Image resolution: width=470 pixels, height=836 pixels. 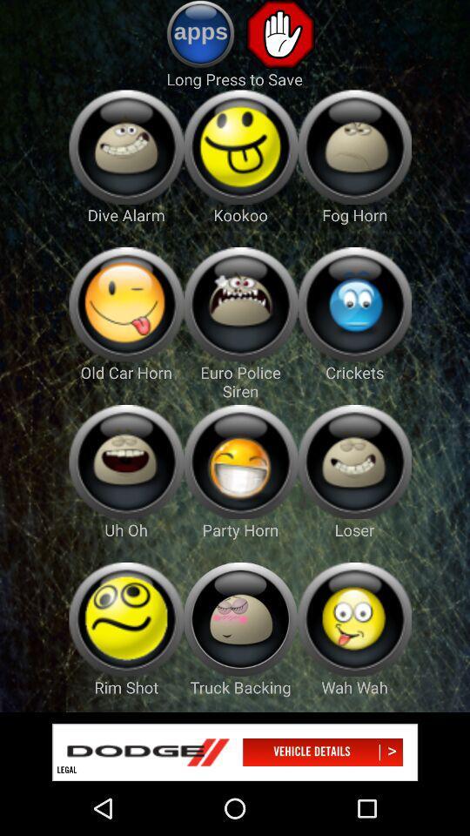 I want to click on an option, so click(x=239, y=146).